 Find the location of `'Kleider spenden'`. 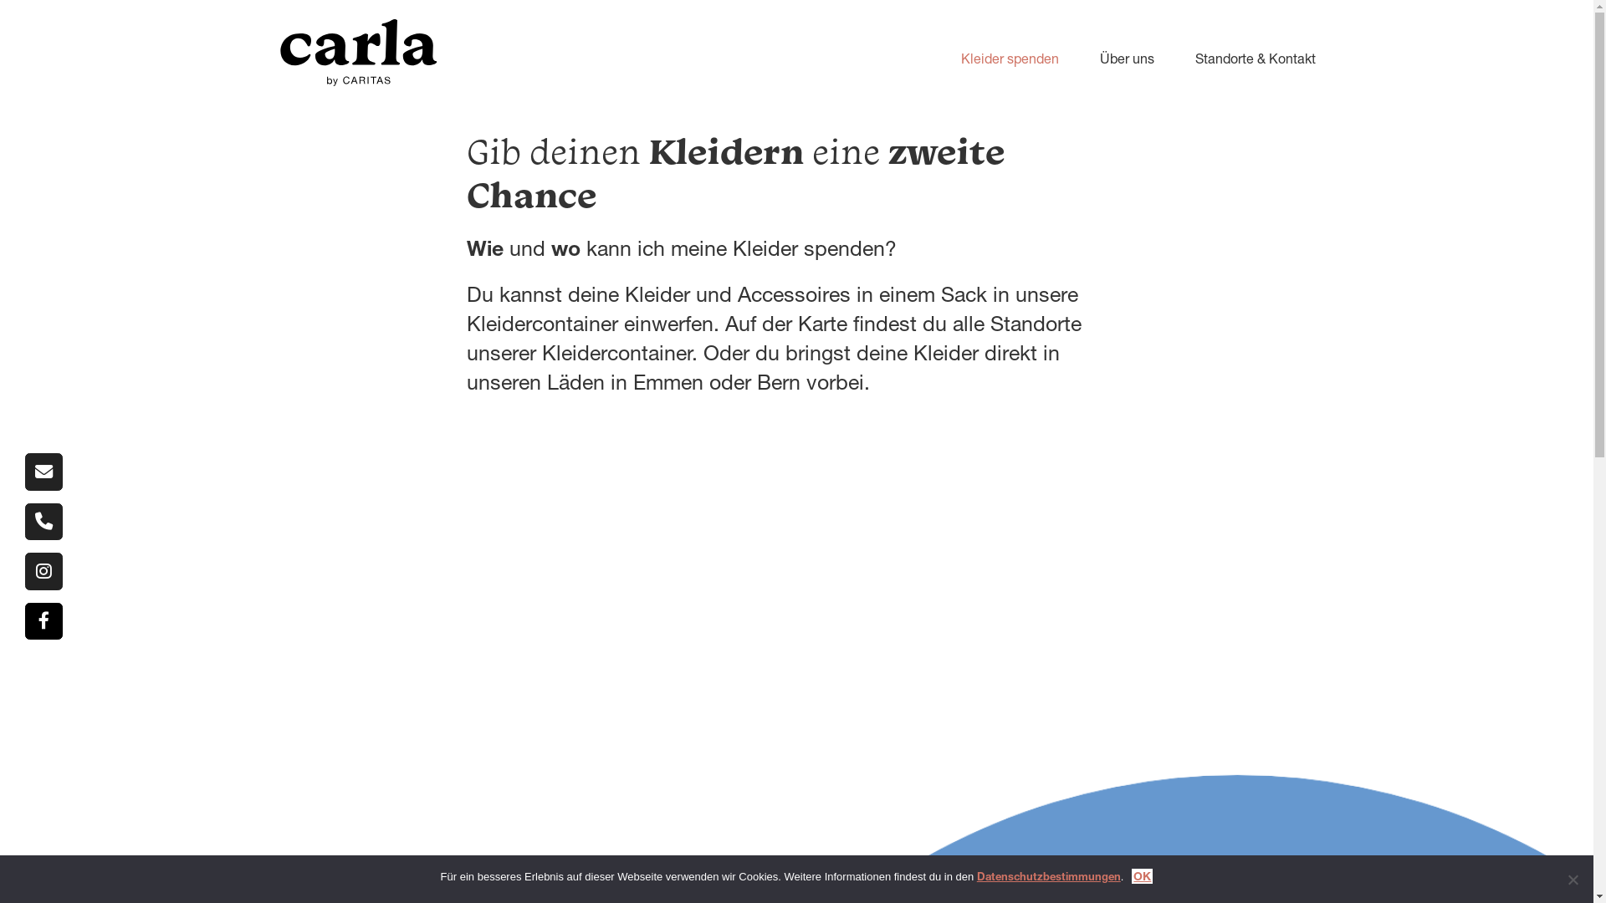

'Kleider spenden' is located at coordinates (926, 57).